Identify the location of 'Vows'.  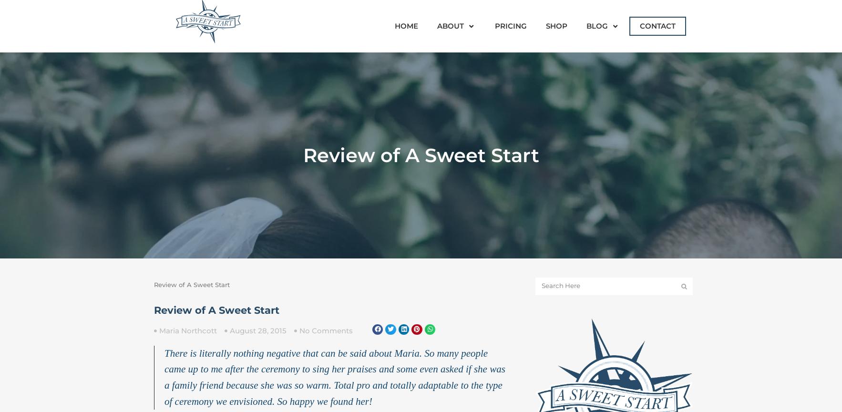
(597, 162).